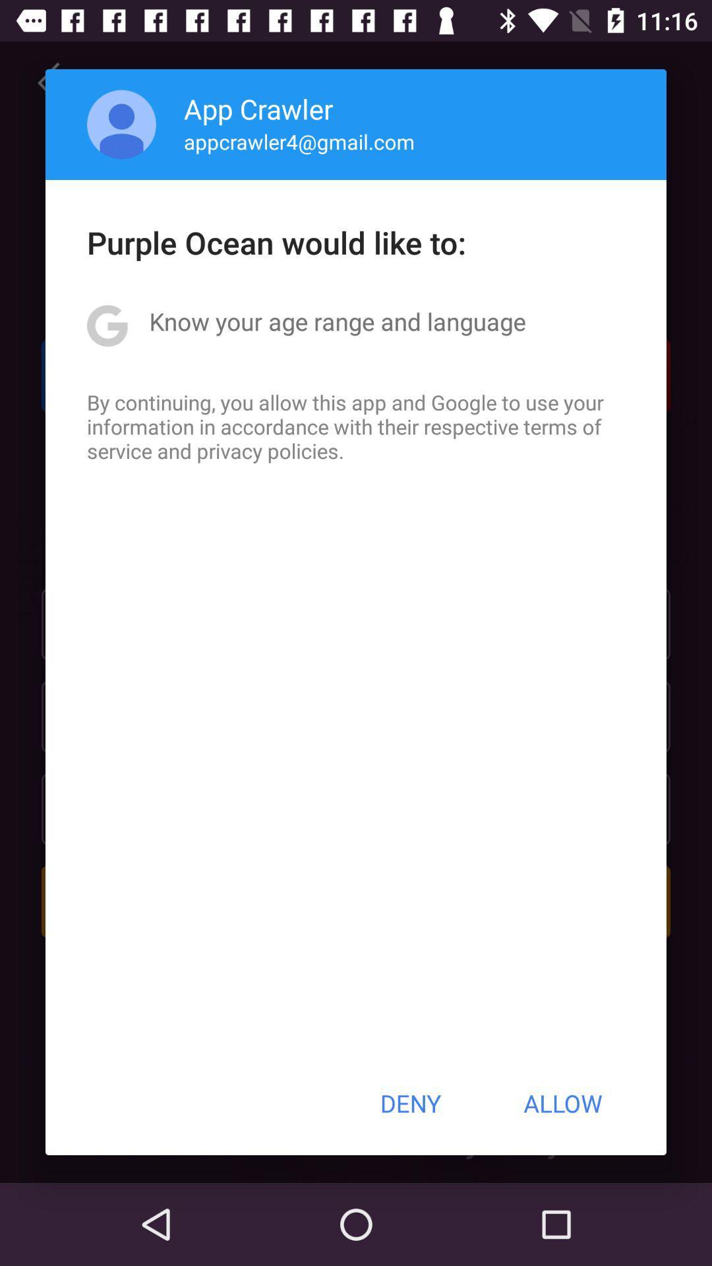 Image resolution: width=712 pixels, height=1266 pixels. I want to click on the item at the bottom, so click(409, 1103).